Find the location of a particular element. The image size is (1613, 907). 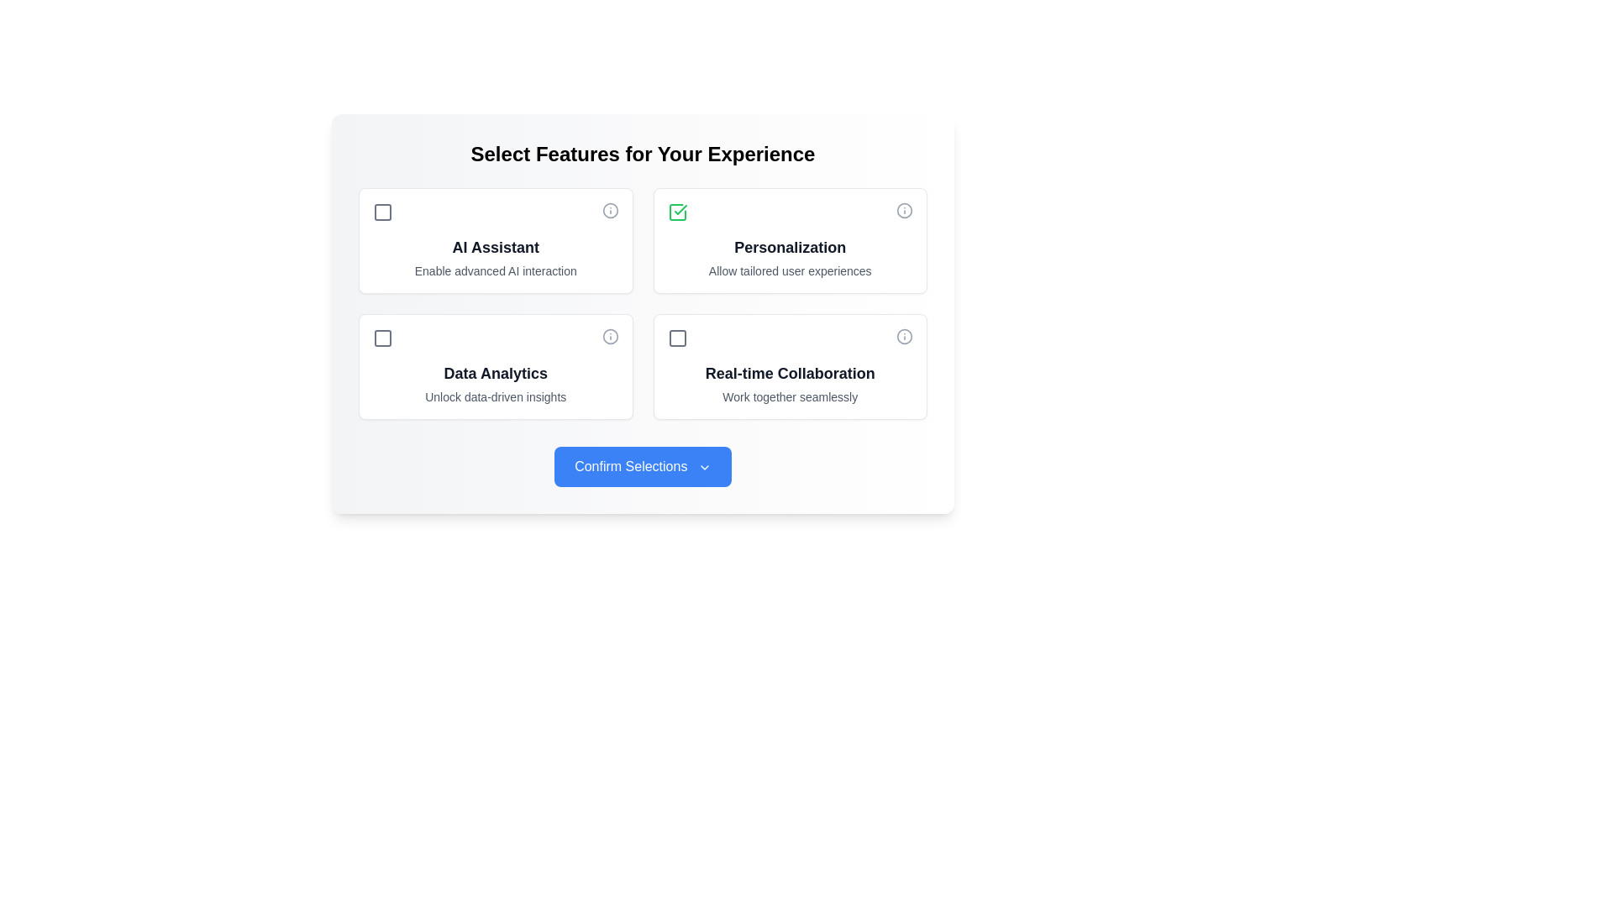

the text caption 'Unlock data-driven insights' that is styled in gray and located beneath the 'Data Analytics' heading in the bottom-left feature selection panel to trigger any potential tooltip is located at coordinates (495, 397).